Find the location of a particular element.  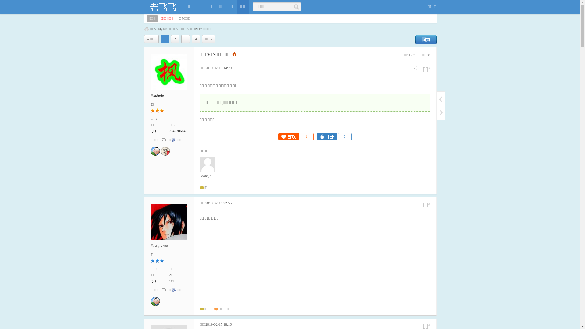

'xfque100' is located at coordinates (161, 246).